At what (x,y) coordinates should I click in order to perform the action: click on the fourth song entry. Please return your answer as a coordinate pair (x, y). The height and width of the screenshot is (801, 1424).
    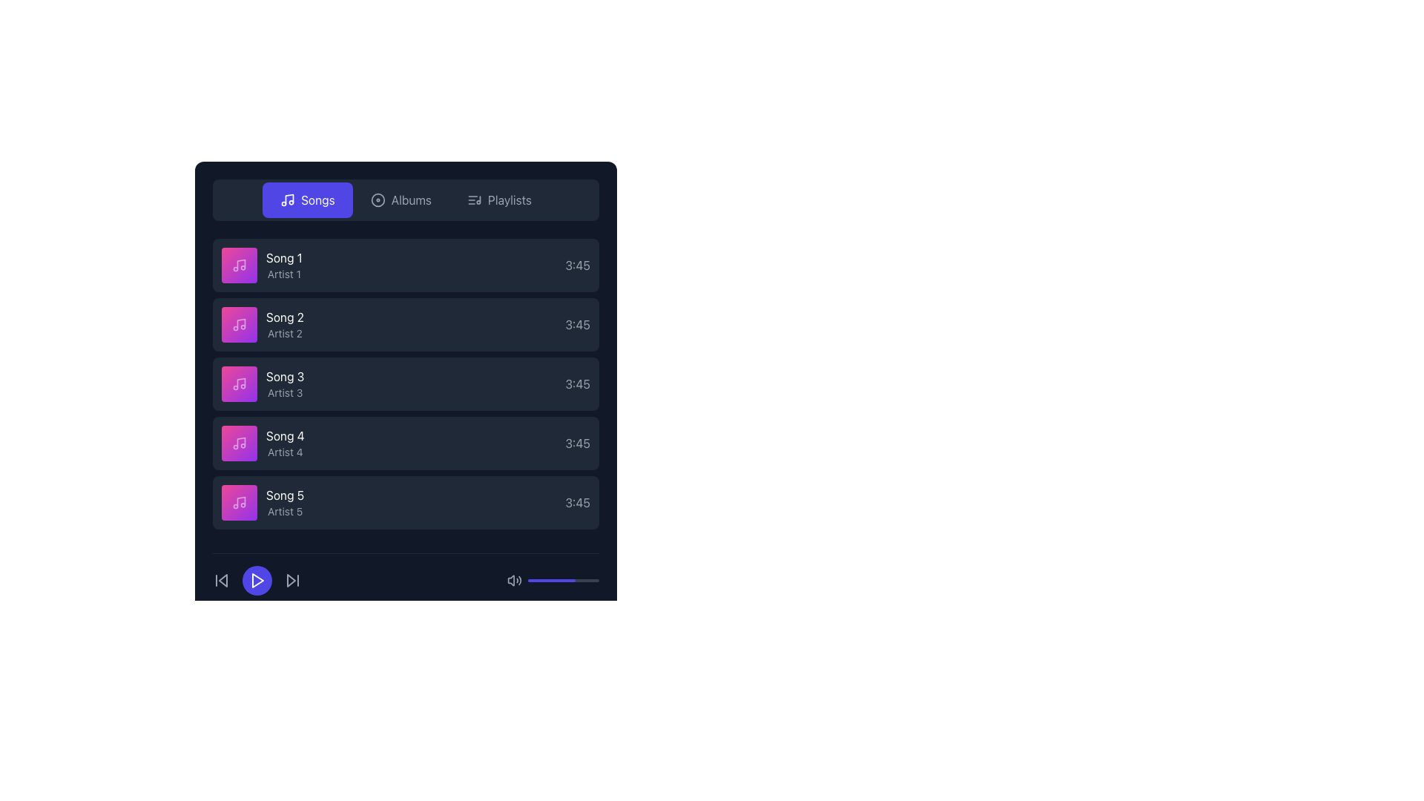
    Looking at the image, I should click on (406, 442).